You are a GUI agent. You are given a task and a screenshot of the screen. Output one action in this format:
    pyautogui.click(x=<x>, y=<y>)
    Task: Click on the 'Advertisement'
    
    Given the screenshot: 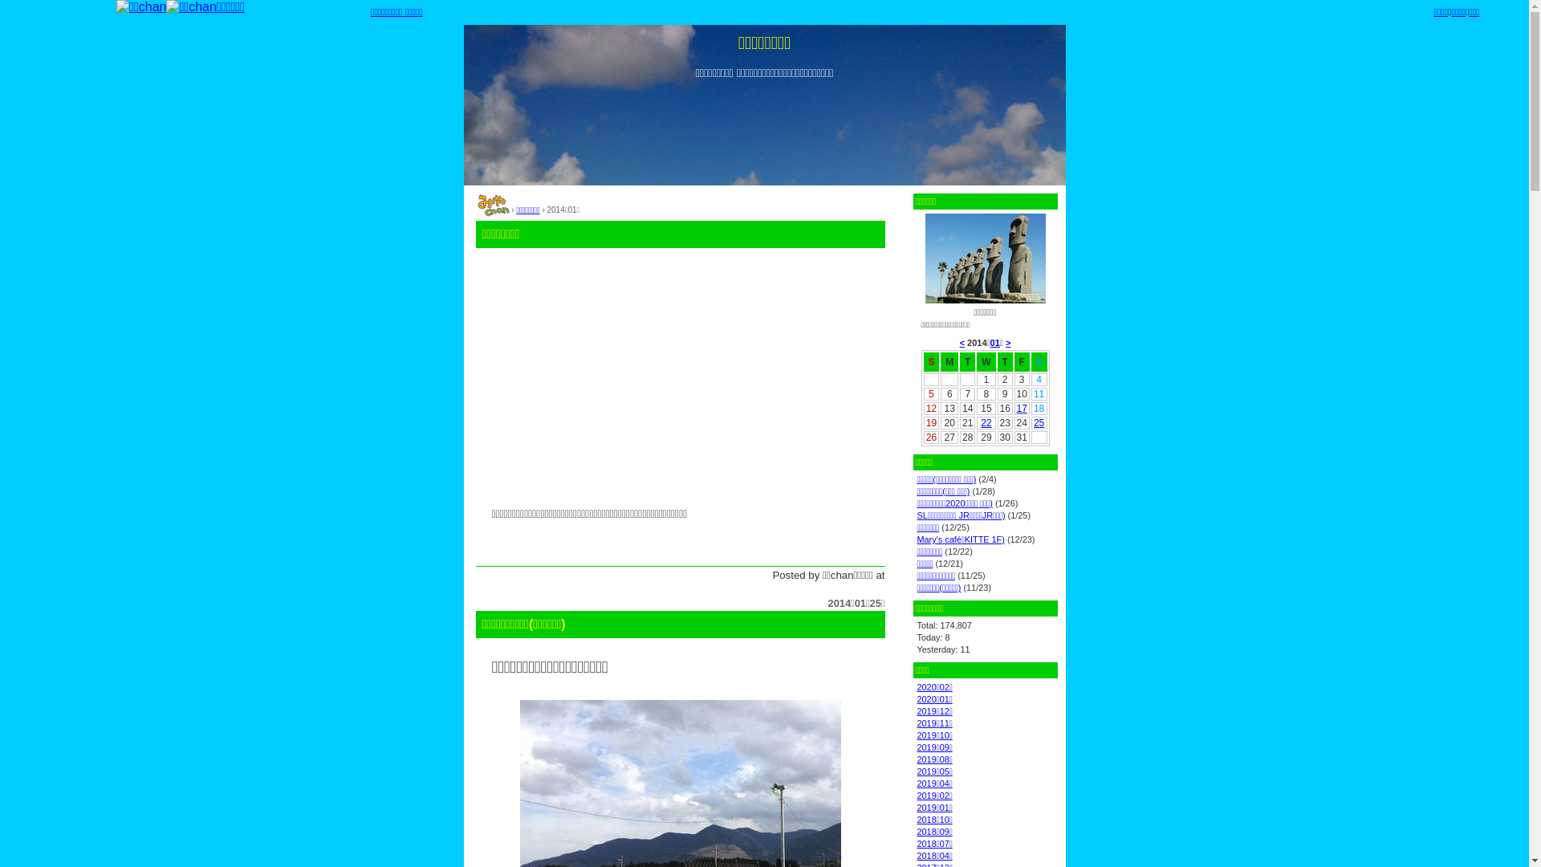 What is the action you would take?
    pyautogui.click(x=679, y=377)
    